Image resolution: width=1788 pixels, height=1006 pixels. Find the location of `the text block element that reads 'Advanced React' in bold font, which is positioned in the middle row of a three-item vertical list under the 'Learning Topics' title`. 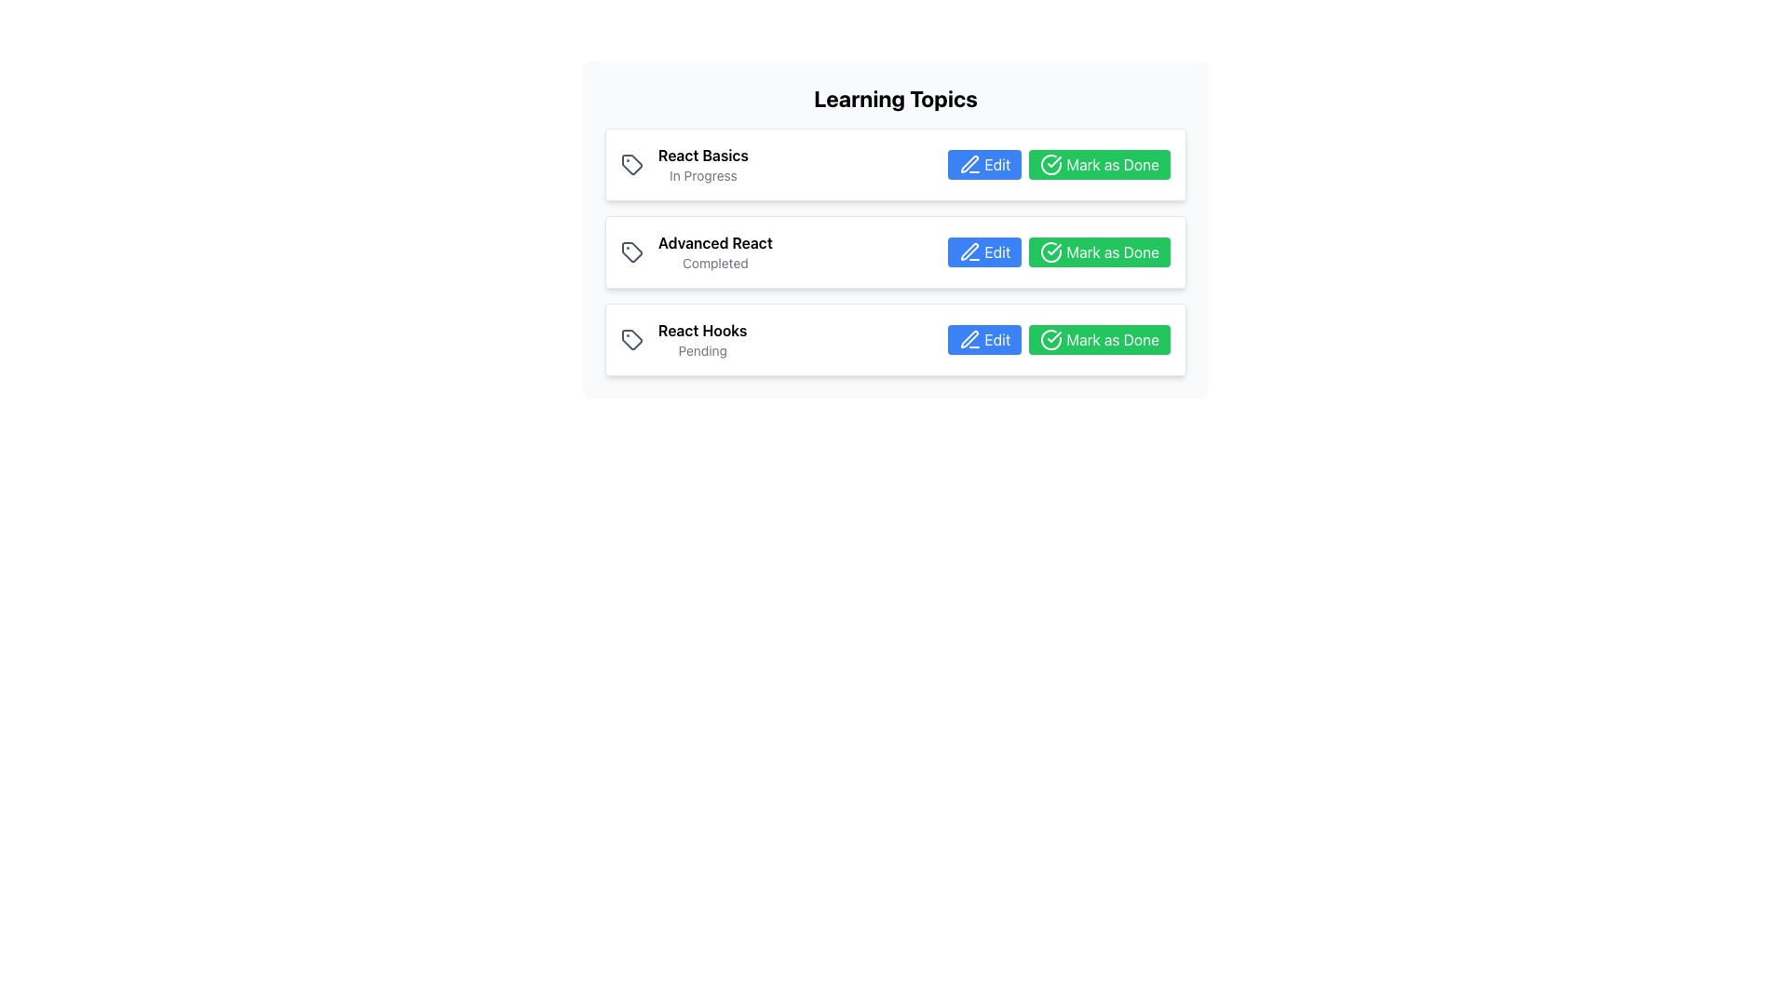

the text block element that reads 'Advanced React' in bold font, which is positioned in the middle row of a three-item vertical list under the 'Learning Topics' title is located at coordinates (714, 251).